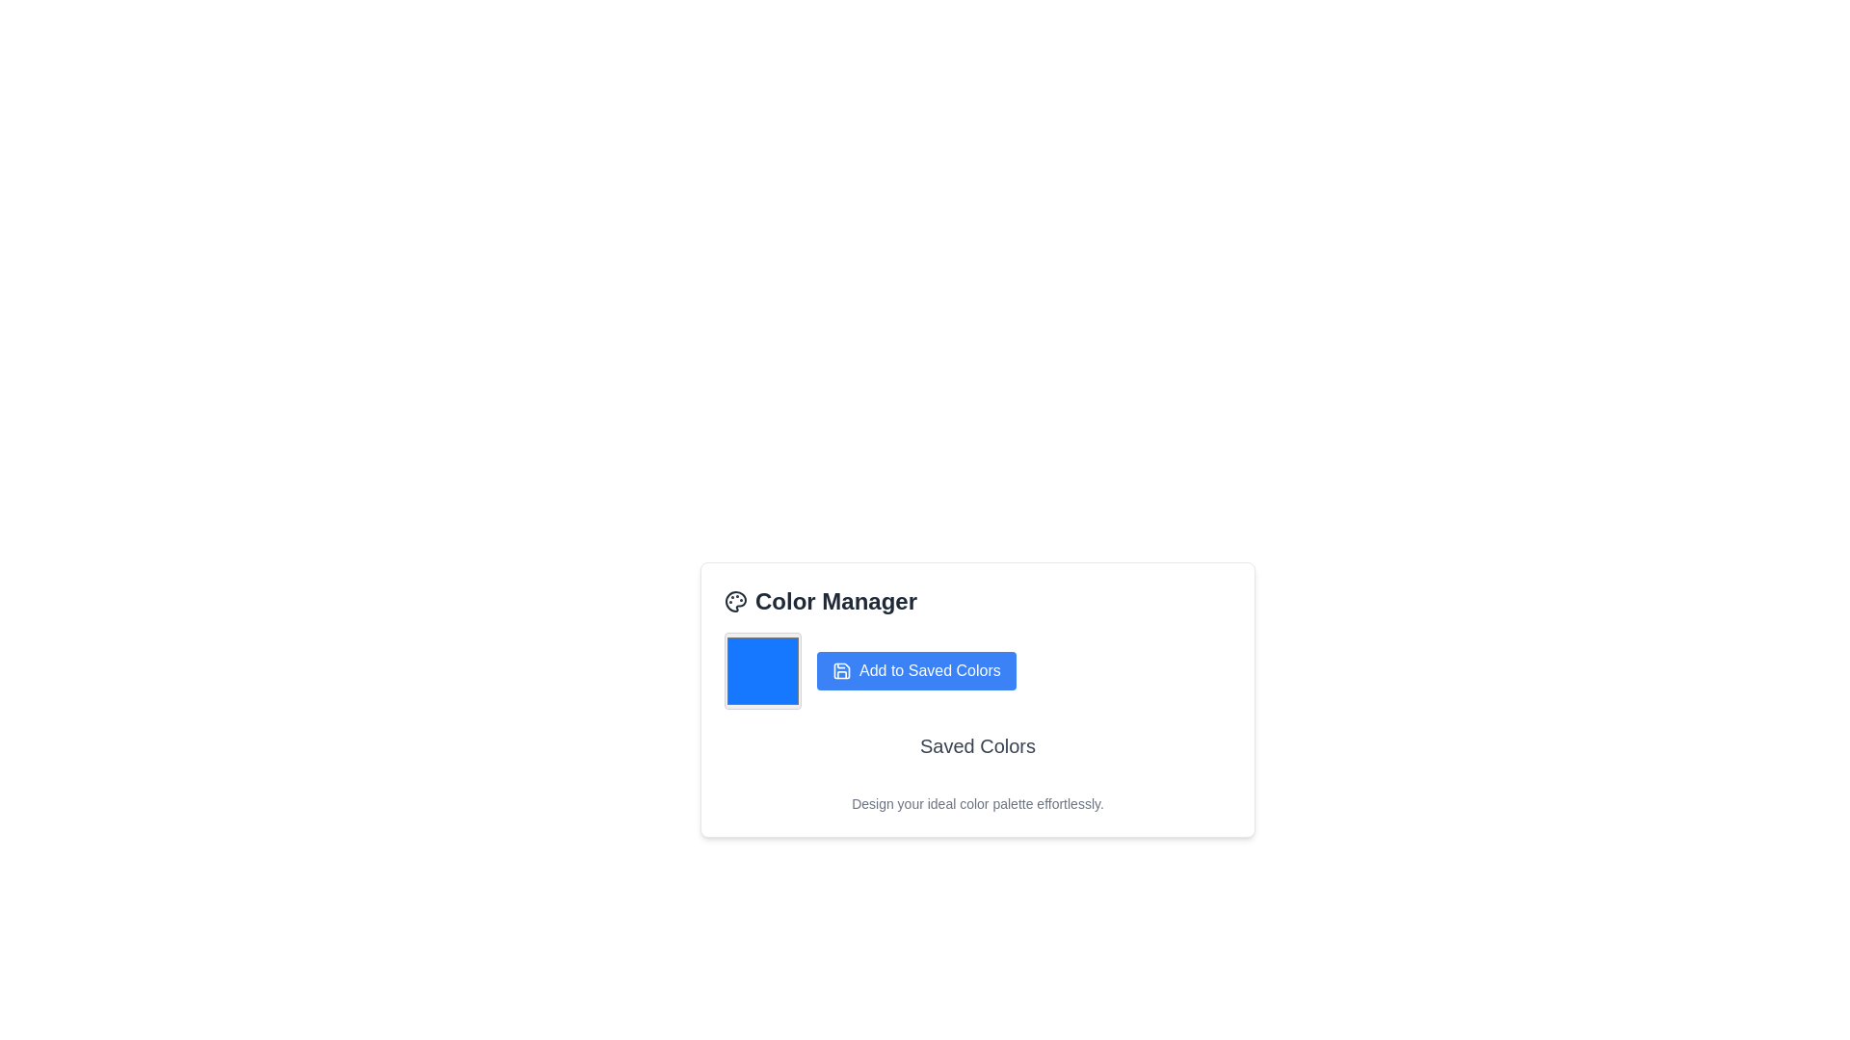 This screenshot has height=1040, width=1850. What do you see at coordinates (734, 600) in the screenshot?
I see `the circular paint palette icon located to the left of the 'Color Manager' text in the interface header` at bounding box center [734, 600].